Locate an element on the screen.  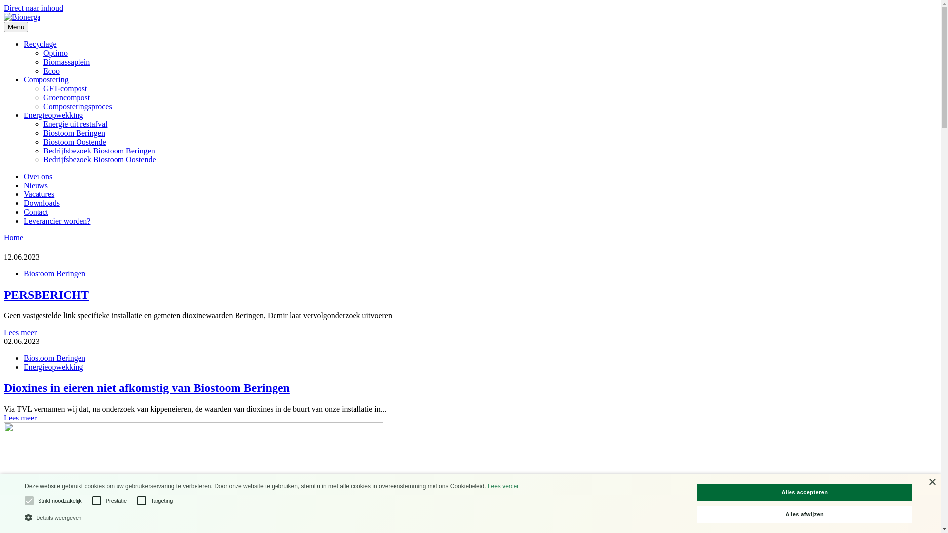
'Lees verder' is located at coordinates (503, 485).